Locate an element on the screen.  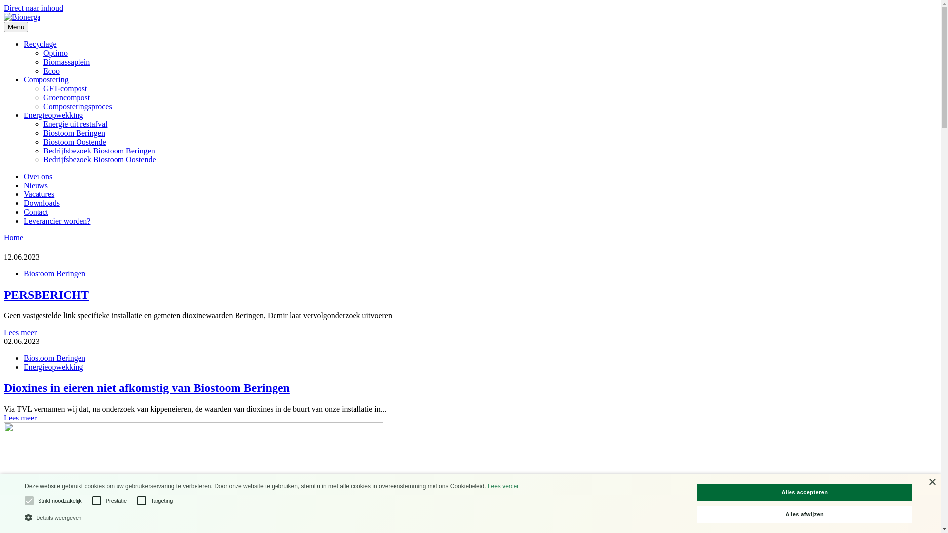
'Lees verder' is located at coordinates (503, 485).